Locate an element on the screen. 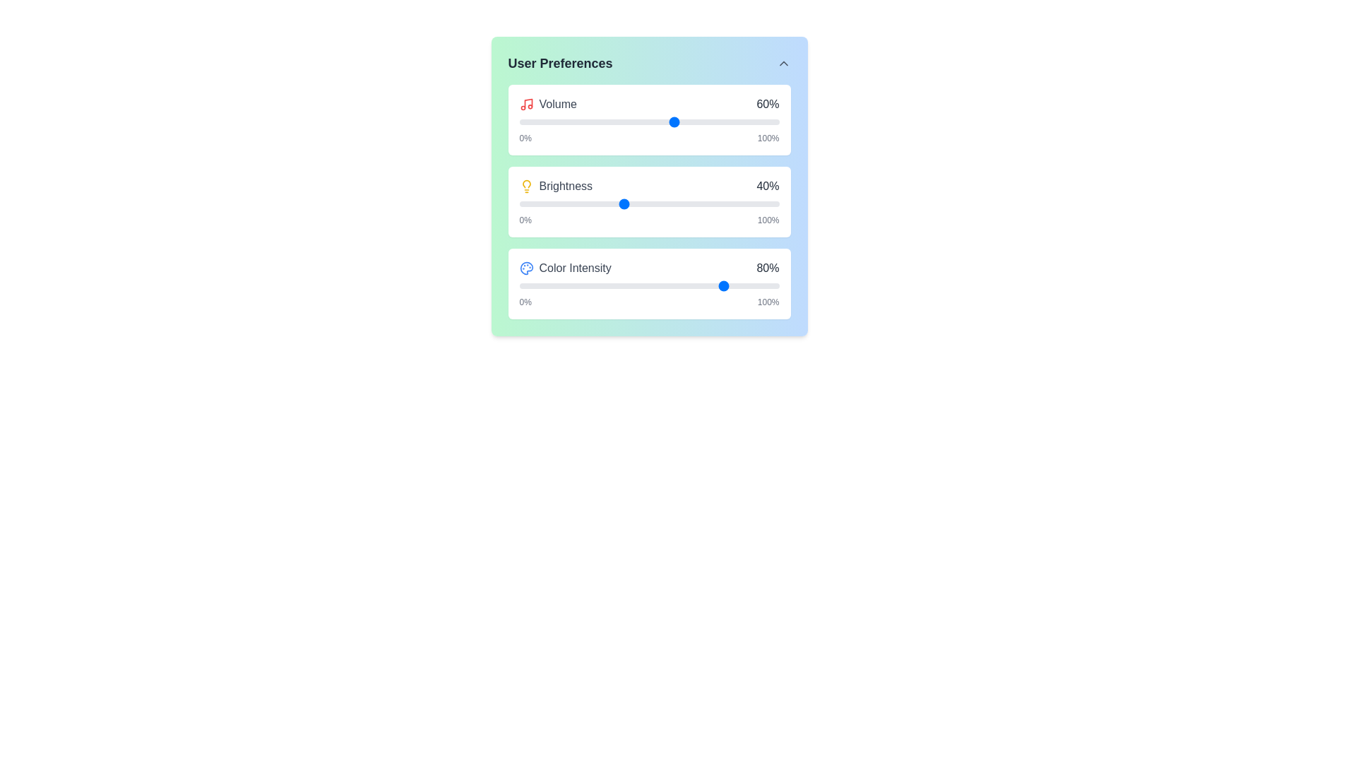 This screenshot has width=1356, height=763. the graphical icon resembling a palette located in the 'Color Intensity' setting within the 'User Preferences' panel is located at coordinates (525, 268).